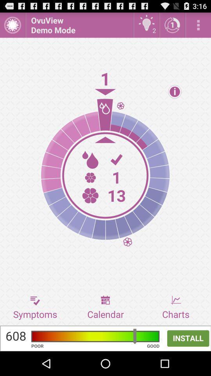  What do you see at coordinates (198, 25) in the screenshot?
I see `open the settings` at bounding box center [198, 25].